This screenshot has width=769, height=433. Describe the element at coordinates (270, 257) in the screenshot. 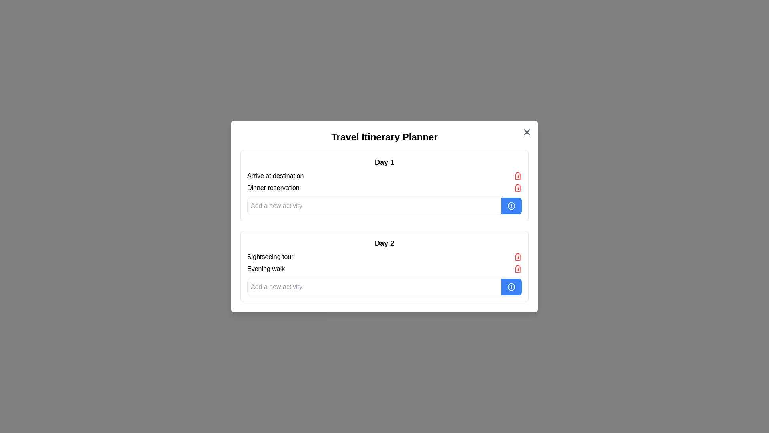

I see `text displayed as the name or label of a planned activity under the heading 'Day 2' in the second segment of the itinerary` at that location.